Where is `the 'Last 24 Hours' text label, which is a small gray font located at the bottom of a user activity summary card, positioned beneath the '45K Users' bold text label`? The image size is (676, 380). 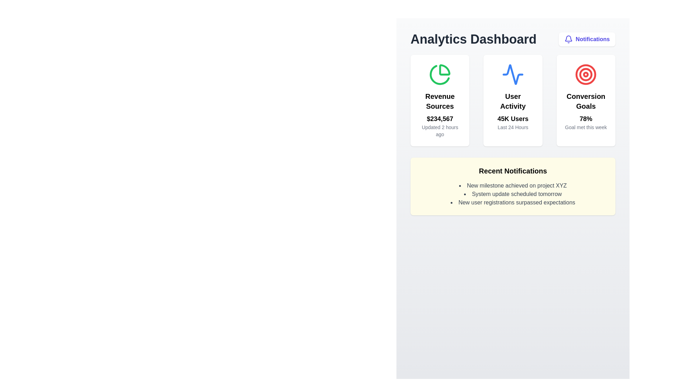 the 'Last 24 Hours' text label, which is a small gray font located at the bottom of a user activity summary card, positioned beneath the '45K Users' bold text label is located at coordinates (513, 127).